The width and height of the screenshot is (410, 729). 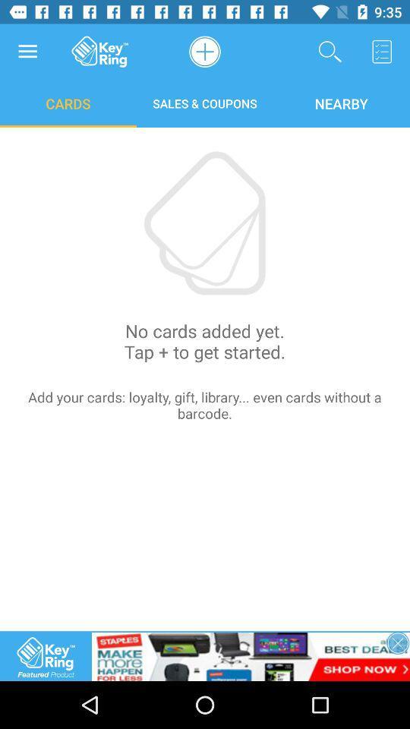 What do you see at coordinates (100, 51) in the screenshot?
I see `the icon which is after the menu` at bounding box center [100, 51].